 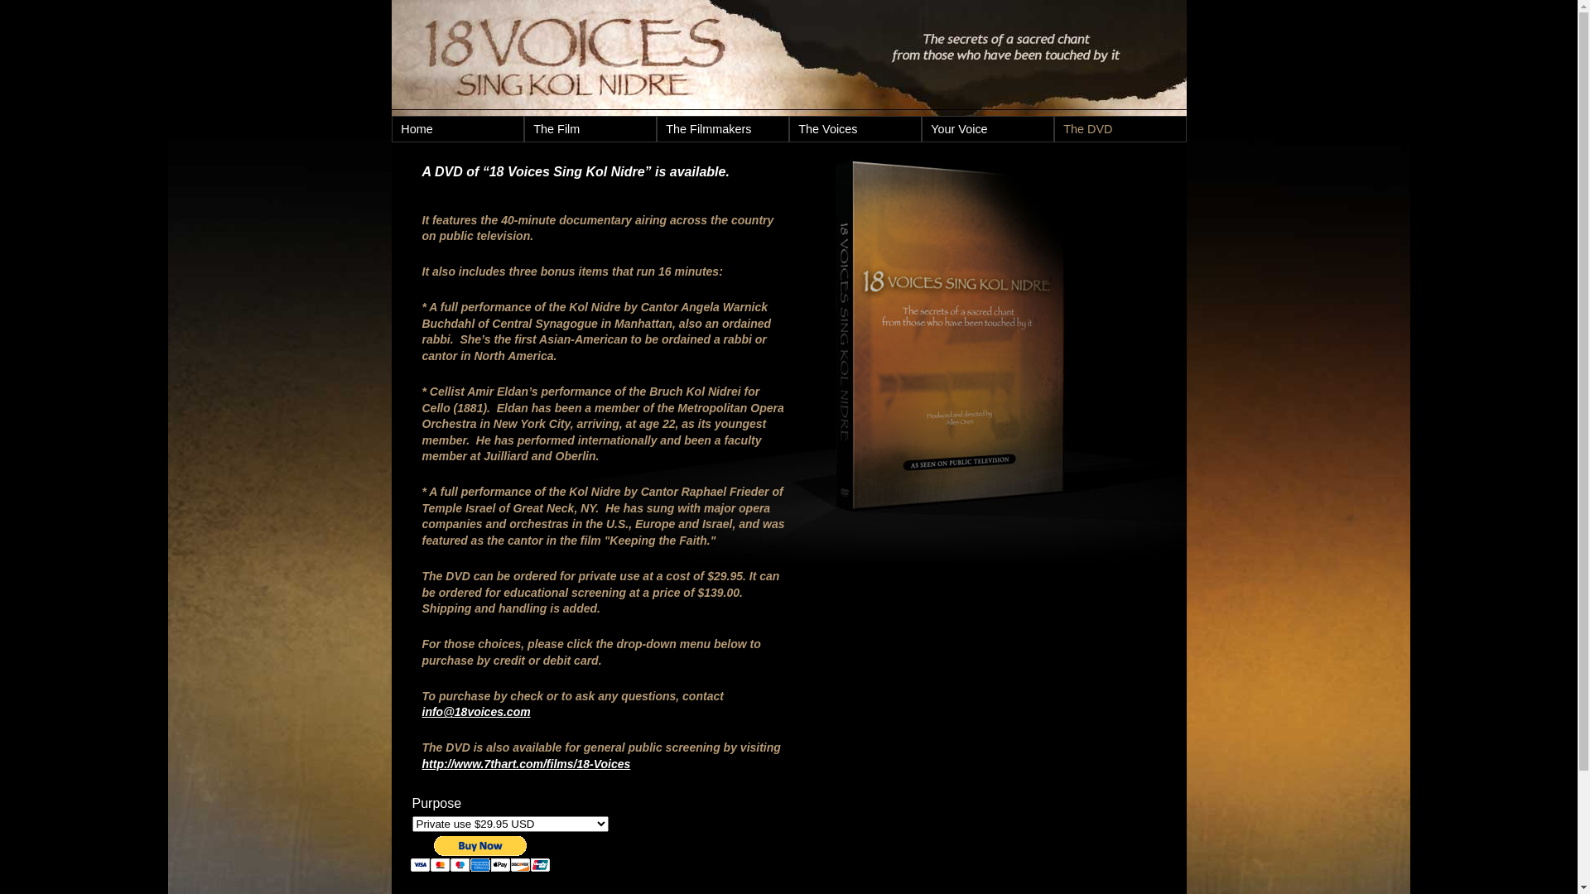 What do you see at coordinates (457, 127) in the screenshot?
I see `'Home'` at bounding box center [457, 127].